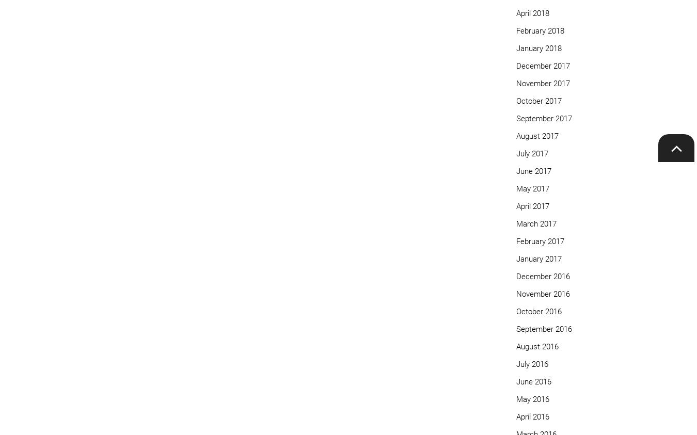 Image resolution: width=697 pixels, height=435 pixels. Describe the element at coordinates (543, 83) in the screenshot. I see `'November 2017'` at that location.